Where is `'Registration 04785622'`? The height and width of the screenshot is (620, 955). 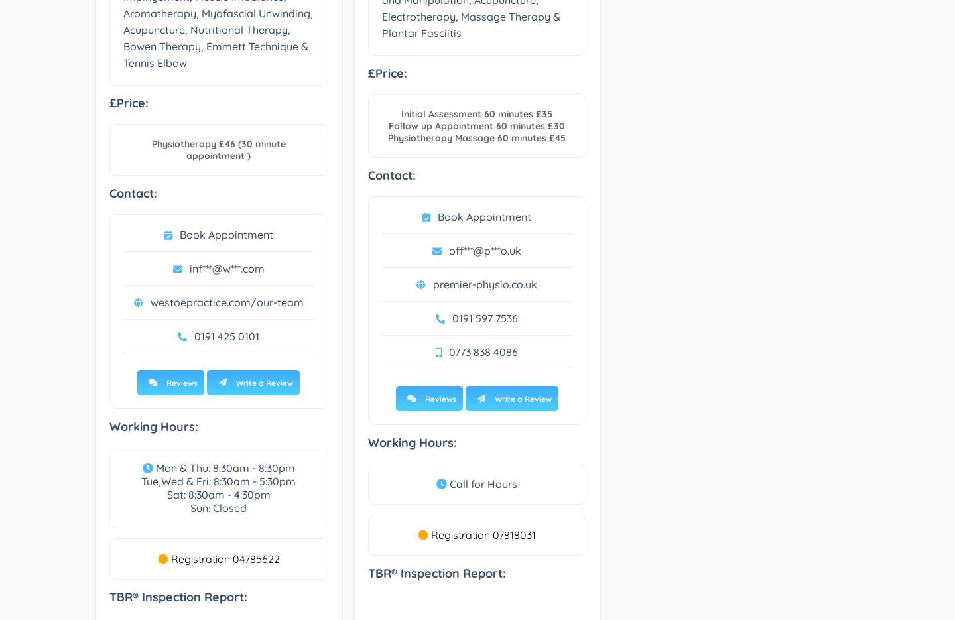
'Registration 04785622' is located at coordinates (223, 558).